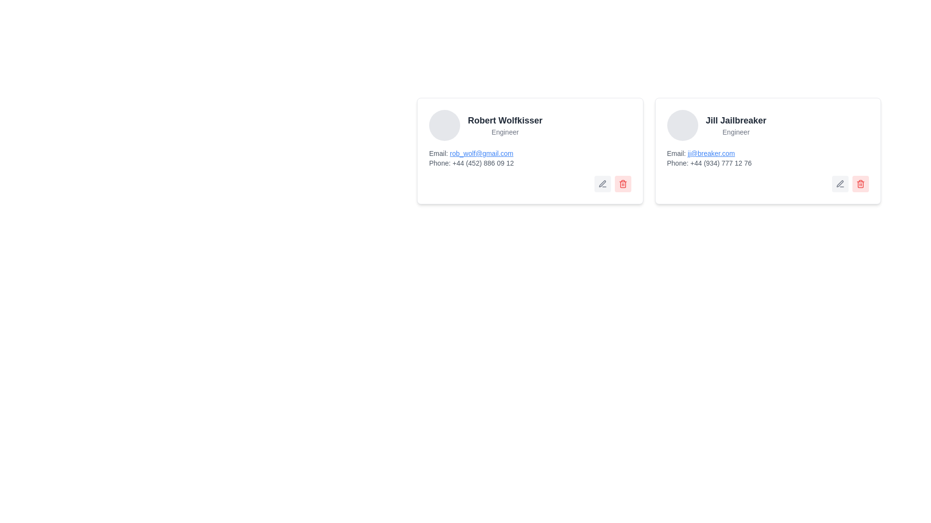 The image size is (931, 523). I want to click on text label displaying the name and designation of a person, which is the second card in a row located to the right of the card containing 'Robert Wolfkisser', so click(736, 124).